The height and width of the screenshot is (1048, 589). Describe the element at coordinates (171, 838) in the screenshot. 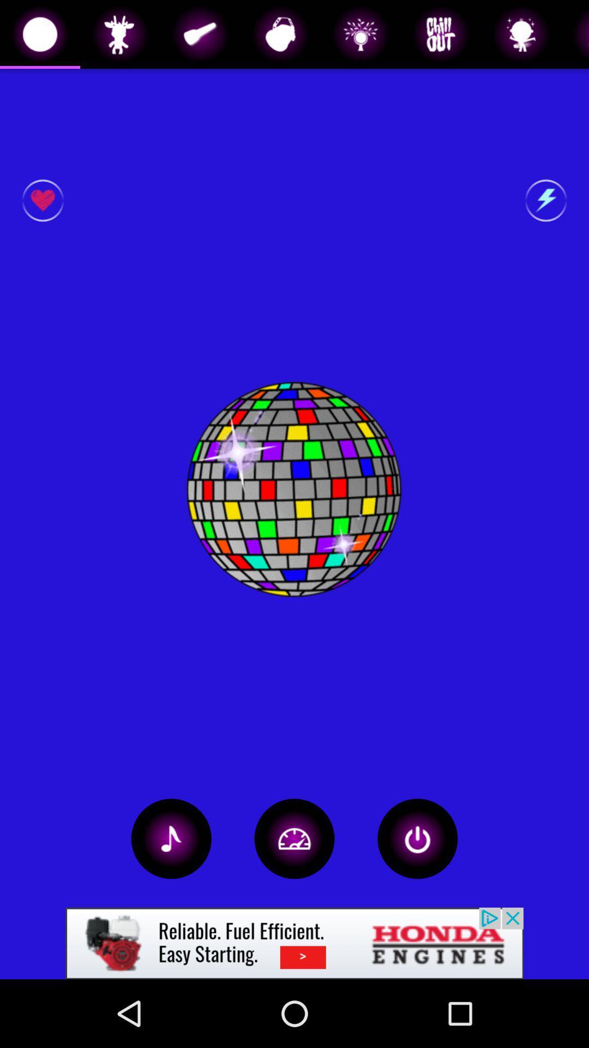

I see `the music icon` at that location.